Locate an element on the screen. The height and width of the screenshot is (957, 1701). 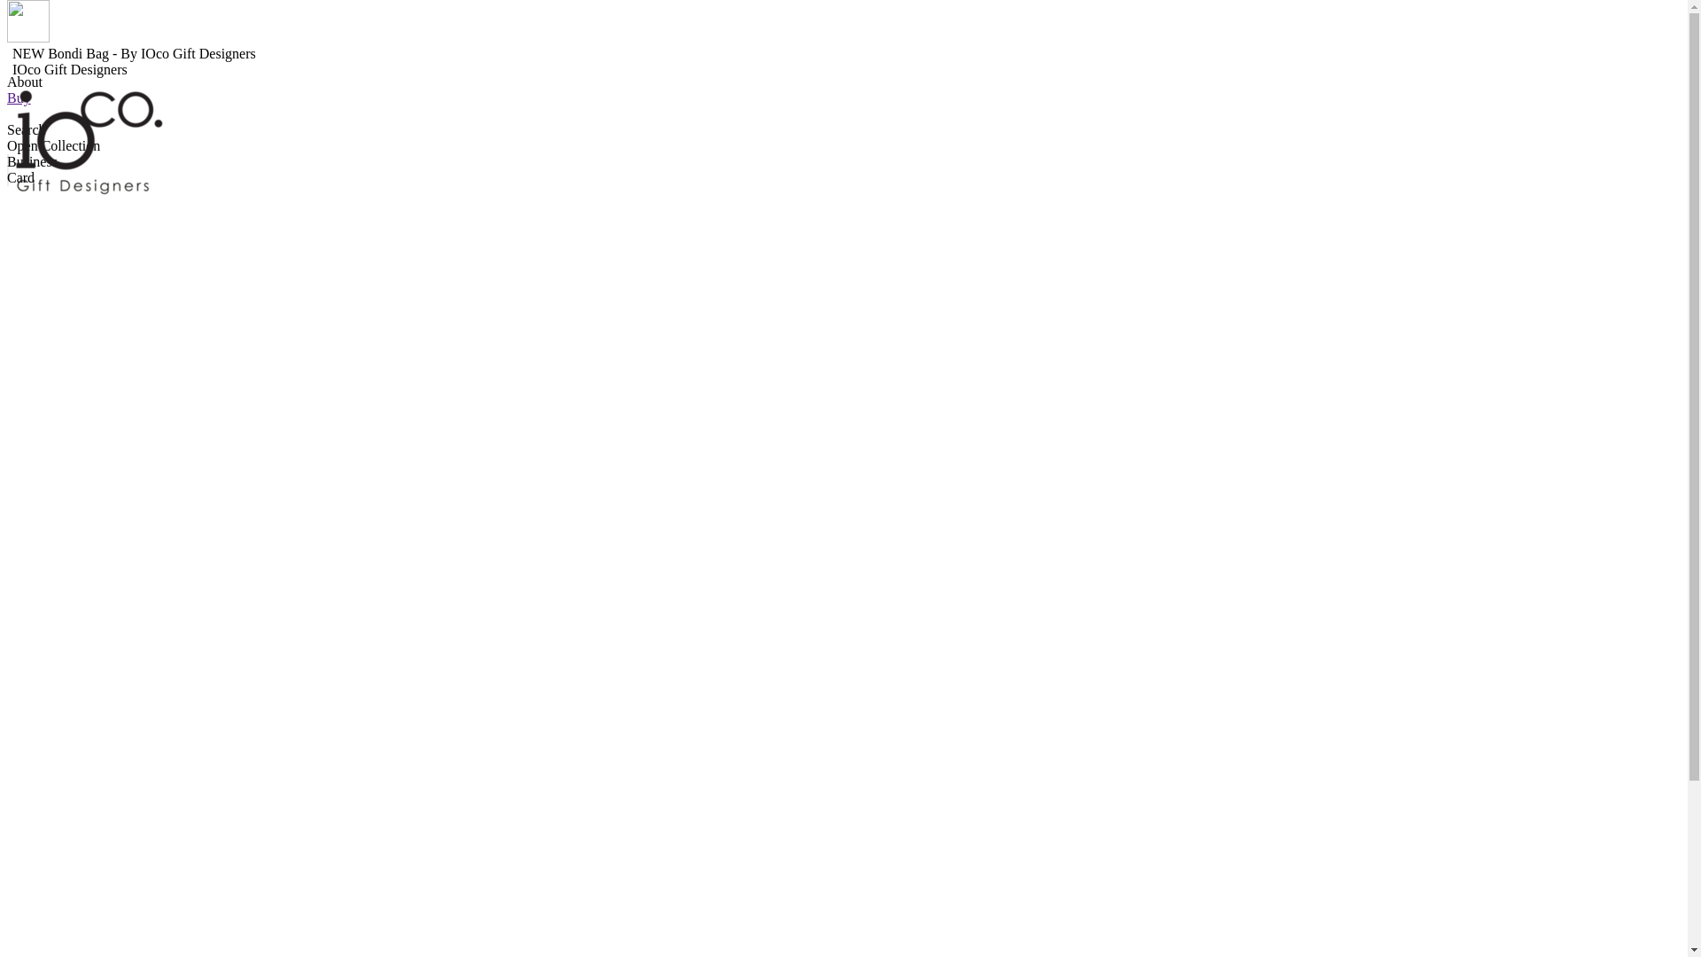
'Business Card' is located at coordinates (32, 169).